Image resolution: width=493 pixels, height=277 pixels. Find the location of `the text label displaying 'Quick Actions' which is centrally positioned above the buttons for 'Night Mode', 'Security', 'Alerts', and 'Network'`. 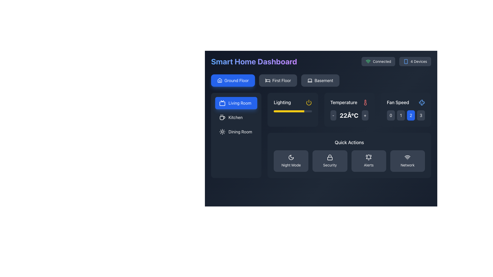

the text label displaying 'Quick Actions' which is centrally positioned above the buttons for 'Night Mode', 'Security', 'Alerts', and 'Network' is located at coordinates (349, 142).